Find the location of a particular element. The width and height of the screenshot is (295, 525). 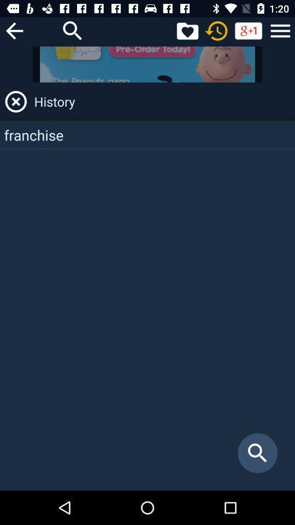

the favorite icon is located at coordinates (187, 30).